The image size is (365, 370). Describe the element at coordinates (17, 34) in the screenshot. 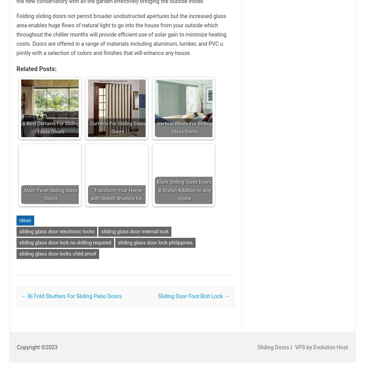

I see `'Folding sliding doors not permit broader unobstructed apertures but the increased glass area enables huge flows of natural light to go into the house from your outside which throughout the chillier months will provide efficient use of solar gain to minimize heating costs. Doors are offered in a range of materials including aluminum, lumber, and PVC u jointly with a selection of colors and finishes that will enhance any house.'` at that location.